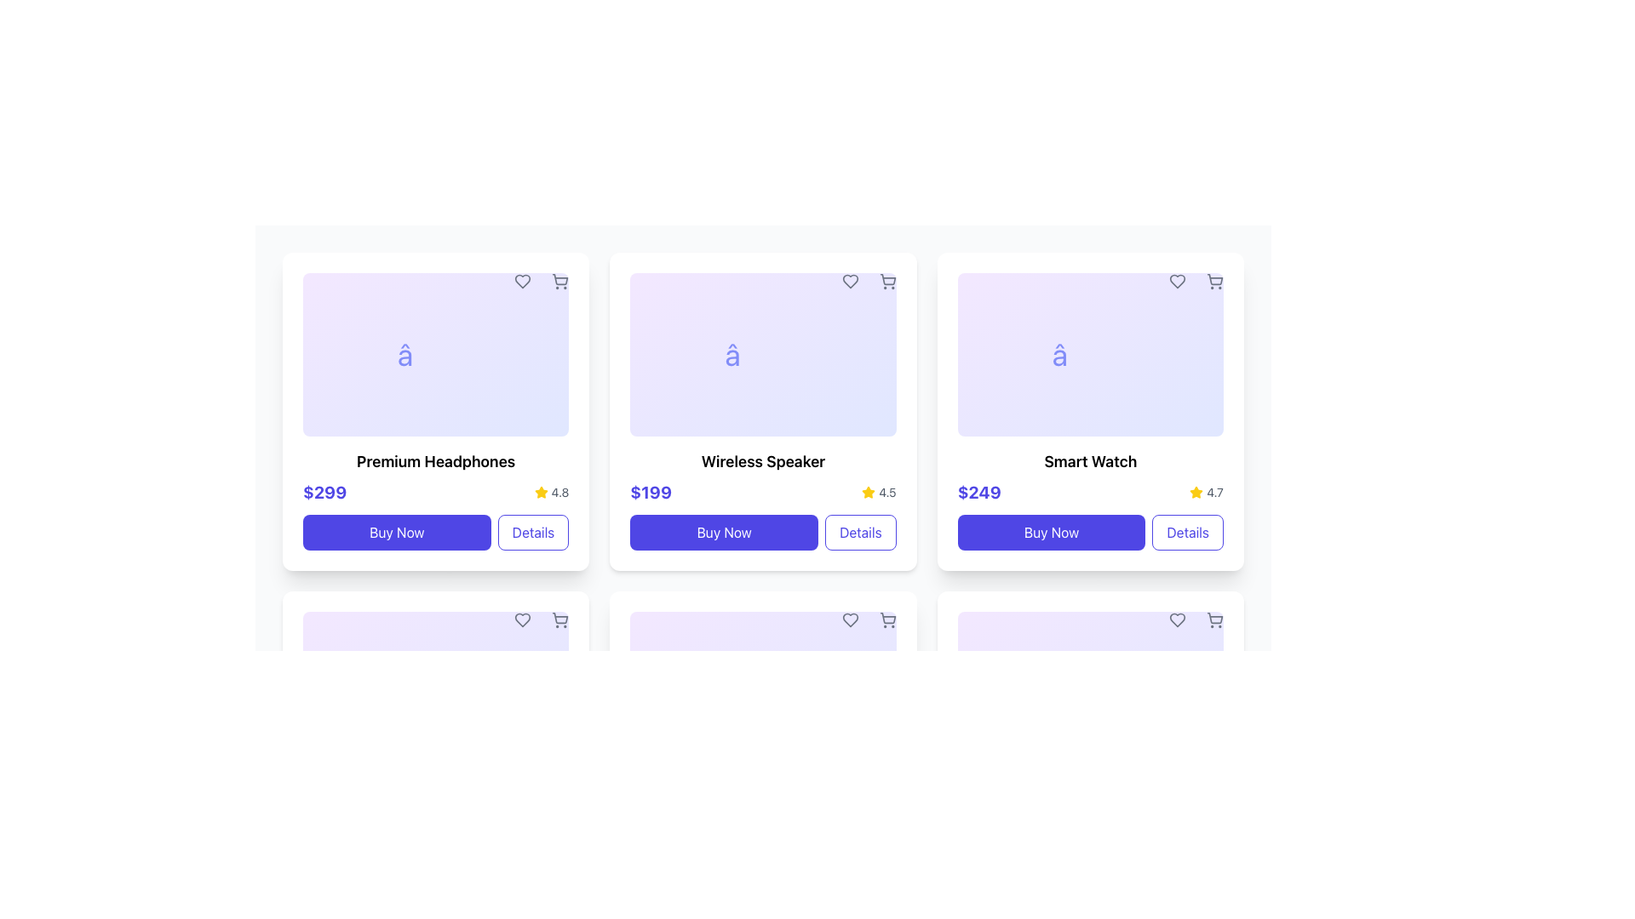 This screenshot has height=919, width=1635. I want to click on the 'Details' button, which is a rectangular button with a white background and purple border, containing the text 'Details' in purple font, located at the bottom right corner of the card for the 'Smart Watch', so click(1187, 531).